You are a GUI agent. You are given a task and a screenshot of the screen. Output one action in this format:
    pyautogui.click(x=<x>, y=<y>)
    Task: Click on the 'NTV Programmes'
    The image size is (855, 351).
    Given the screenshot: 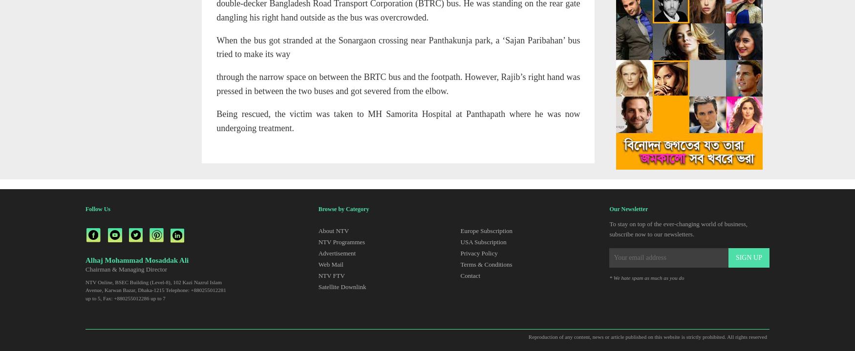 What is the action you would take?
    pyautogui.click(x=341, y=241)
    